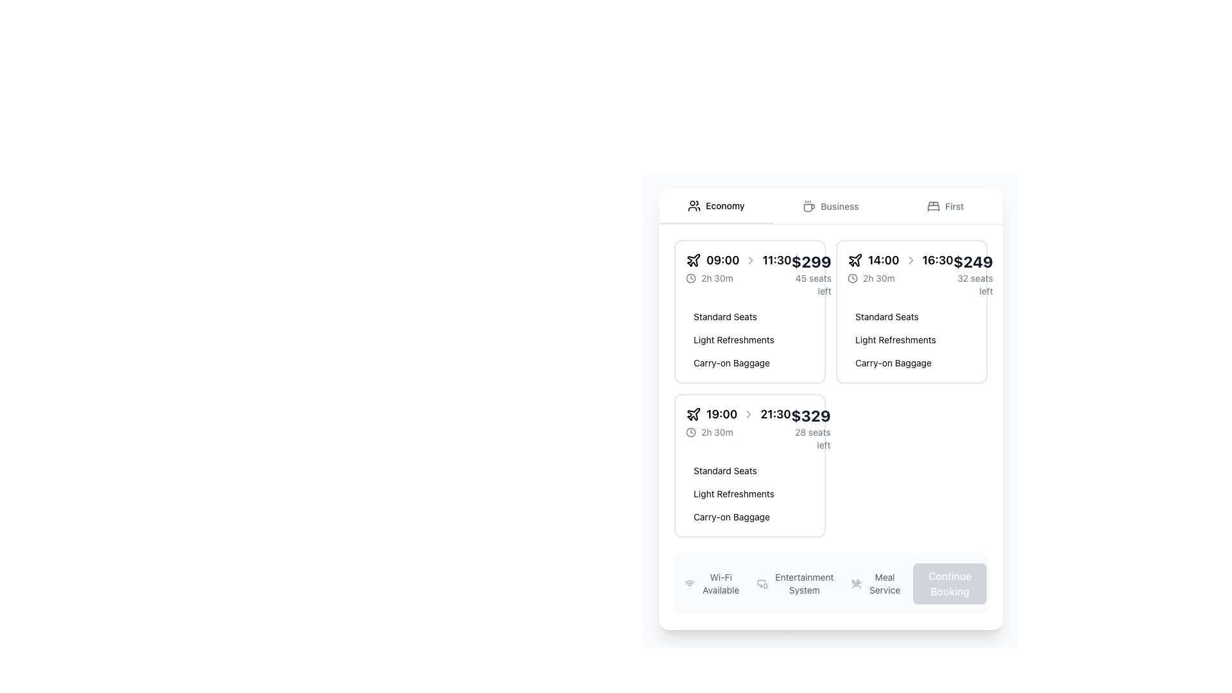 The height and width of the screenshot is (693, 1232). What do you see at coordinates (750, 339) in the screenshot?
I see `the Information list displaying amenities, which includes the labels 'Standard Seats,' 'Light Refreshments,' and 'Carry-on Baggage,' located at the bottom of the flight selection card` at bounding box center [750, 339].